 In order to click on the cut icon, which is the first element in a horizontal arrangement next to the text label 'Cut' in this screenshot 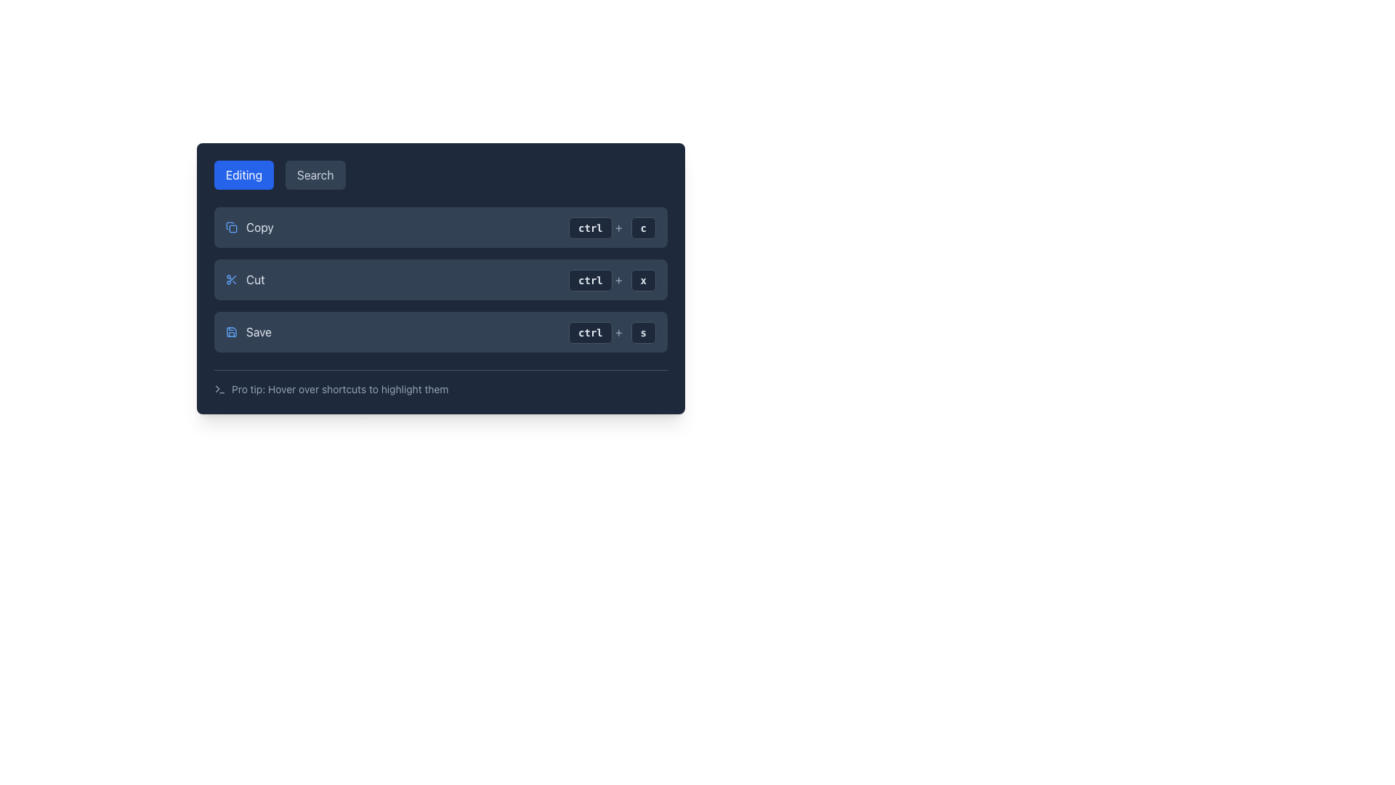, I will do `click(230, 280)`.